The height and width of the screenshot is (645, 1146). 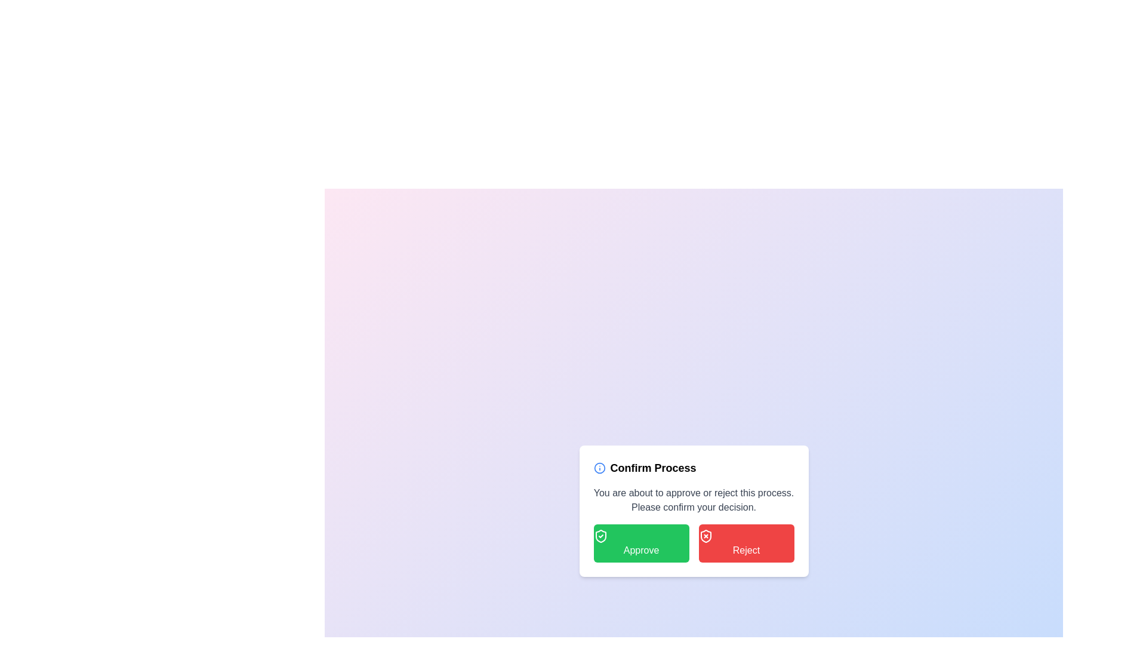 What do you see at coordinates (694, 500) in the screenshot?
I see `informational message located at the center of the white dialog box below the title 'Confirm Process' and above the buttons 'Approve' and 'Reject'` at bounding box center [694, 500].